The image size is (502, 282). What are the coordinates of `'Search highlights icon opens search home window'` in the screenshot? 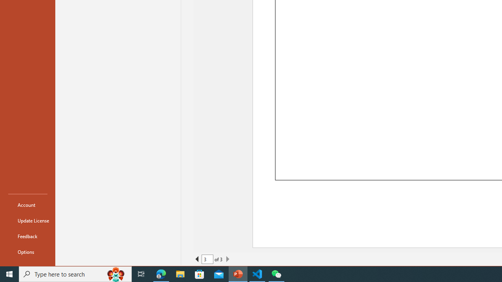 It's located at (115, 273).